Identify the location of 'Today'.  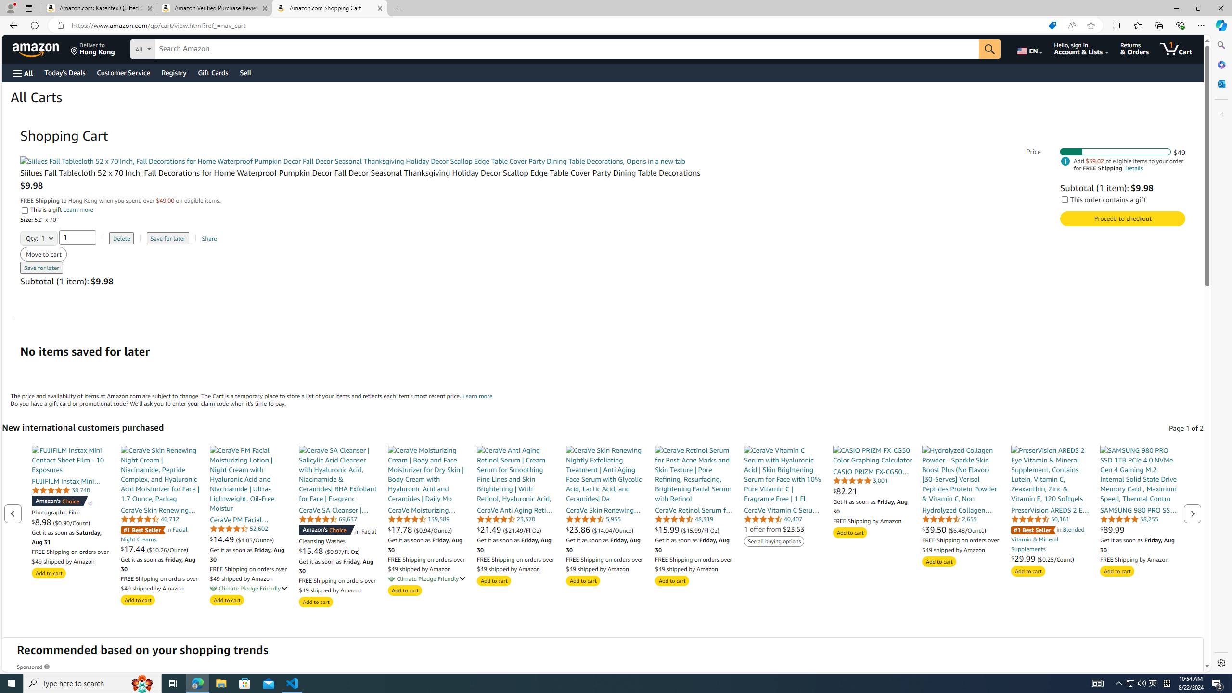
(64, 72).